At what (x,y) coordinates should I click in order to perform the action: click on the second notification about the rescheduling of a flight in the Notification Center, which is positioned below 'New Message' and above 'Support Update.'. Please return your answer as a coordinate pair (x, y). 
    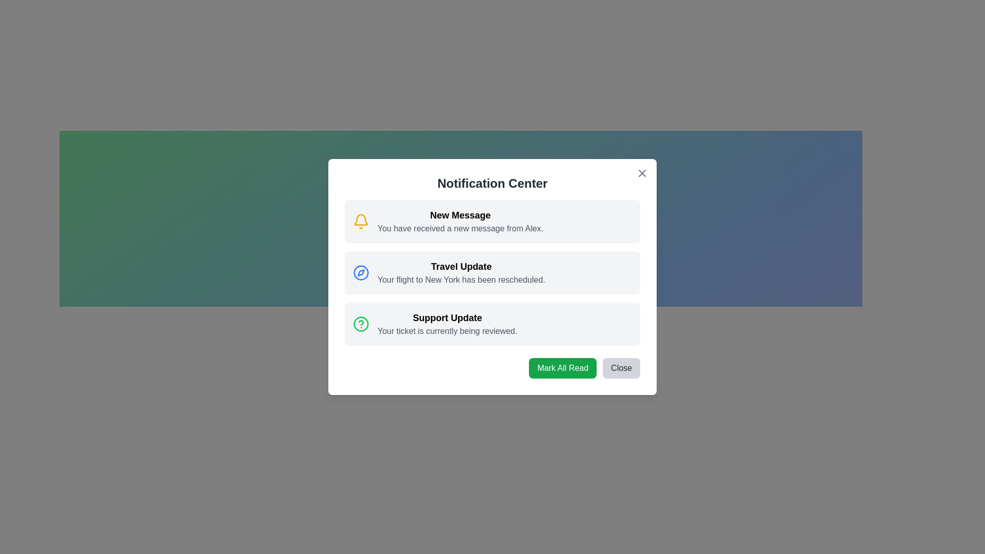
    Looking at the image, I should click on (493, 272).